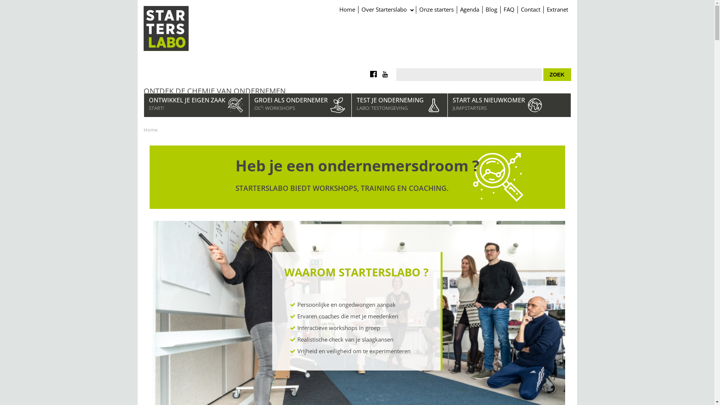  What do you see at coordinates (469, 10) in the screenshot?
I see `'Agenda'` at bounding box center [469, 10].